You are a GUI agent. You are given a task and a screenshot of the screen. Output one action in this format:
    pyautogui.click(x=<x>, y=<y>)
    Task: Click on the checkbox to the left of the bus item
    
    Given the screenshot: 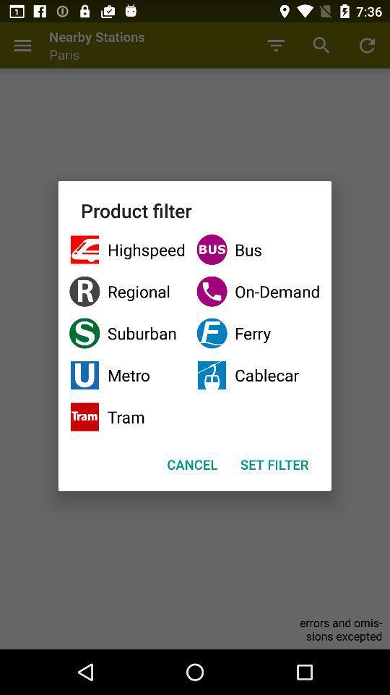 What is the action you would take?
    pyautogui.click(x=127, y=290)
    